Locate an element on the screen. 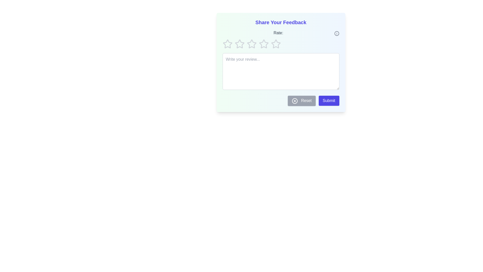 Image resolution: width=483 pixels, height=272 pixels. the Reset button to clear the inputs is located at coordinates (302, 101).